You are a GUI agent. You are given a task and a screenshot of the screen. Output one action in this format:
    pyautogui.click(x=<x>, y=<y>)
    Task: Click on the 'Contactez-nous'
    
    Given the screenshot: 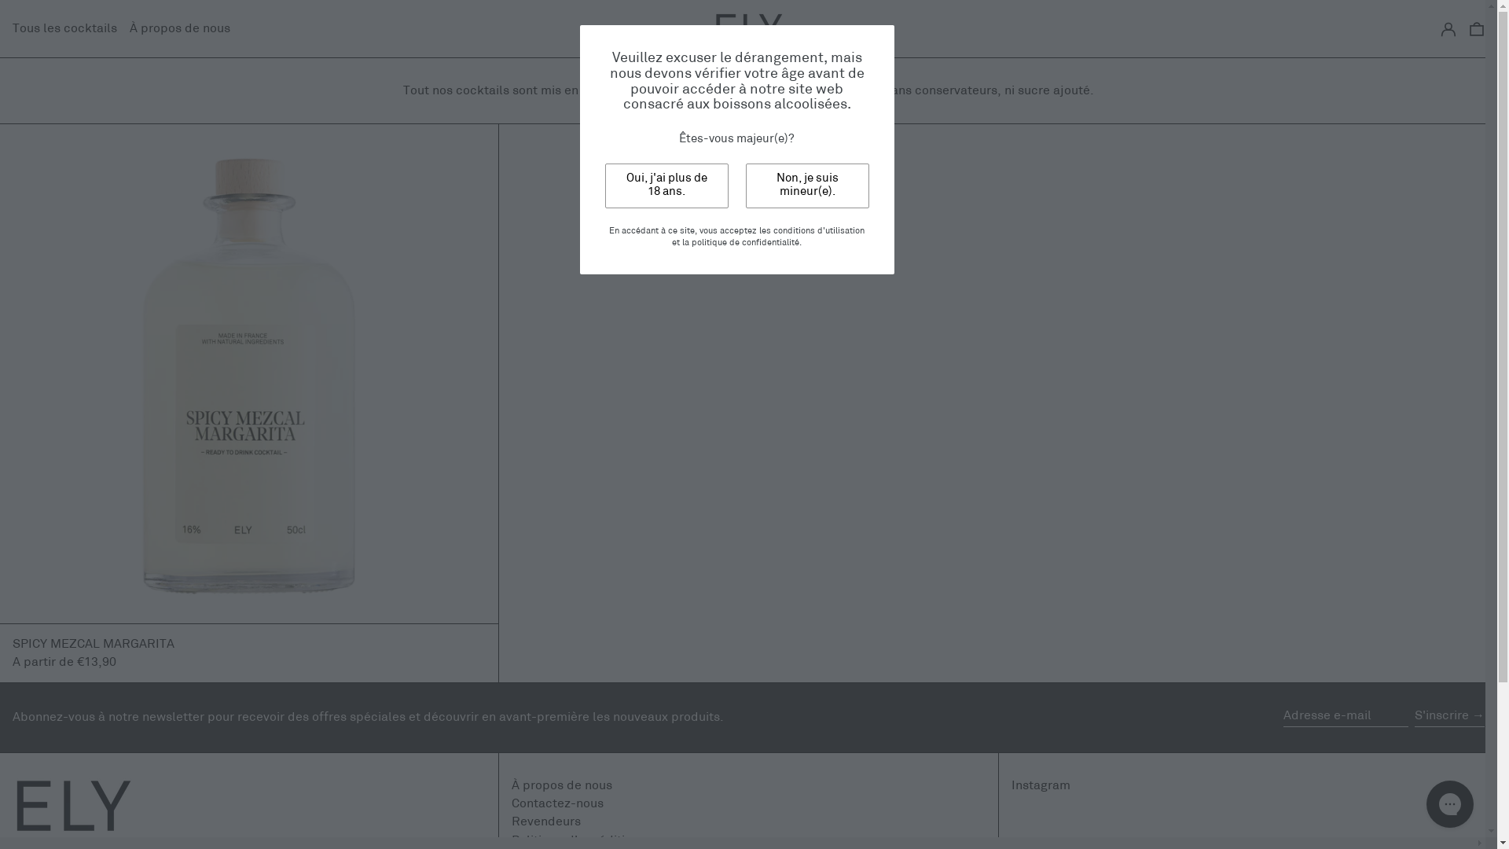 What is the action you would take?
    pyautogui.click(x=557, y=803)
    